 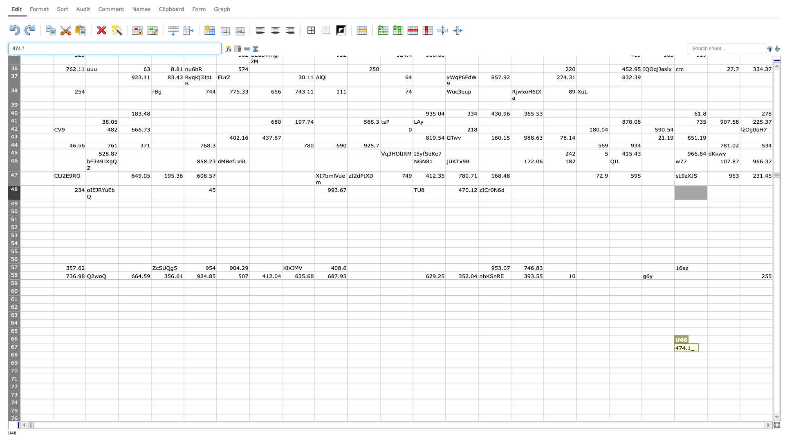 I want to click on Place cursor on bottom right corner of W68, so click(x=772, y=359).